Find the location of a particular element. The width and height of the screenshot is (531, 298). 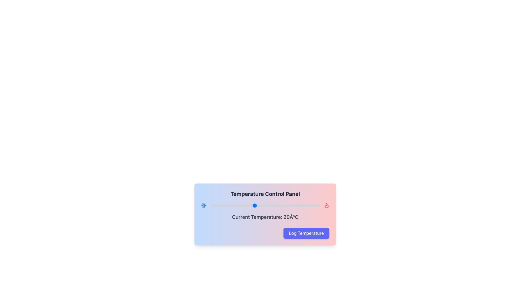

the temperature slider is located at coordinates (306, 205).